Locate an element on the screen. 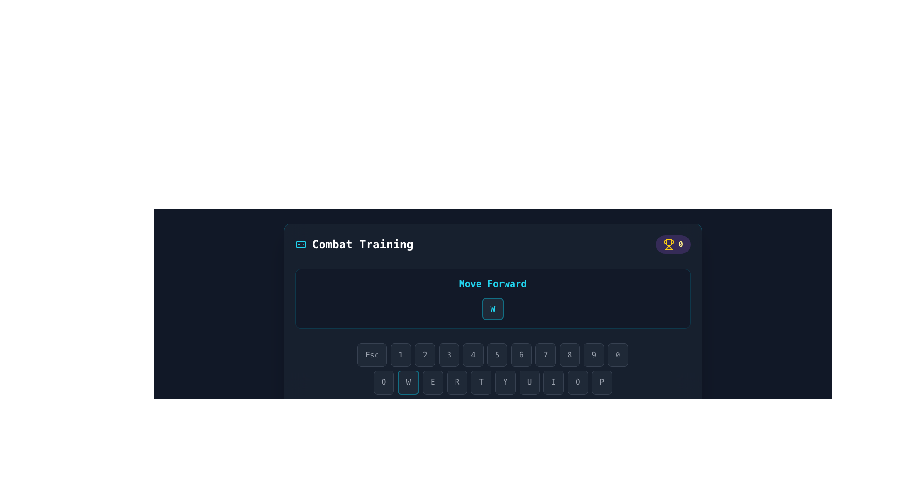 This screenshot has width=897, height=504. the button labeled '4', which is the fifth button in a row of numeric keys is located at coordinates (473, 355).